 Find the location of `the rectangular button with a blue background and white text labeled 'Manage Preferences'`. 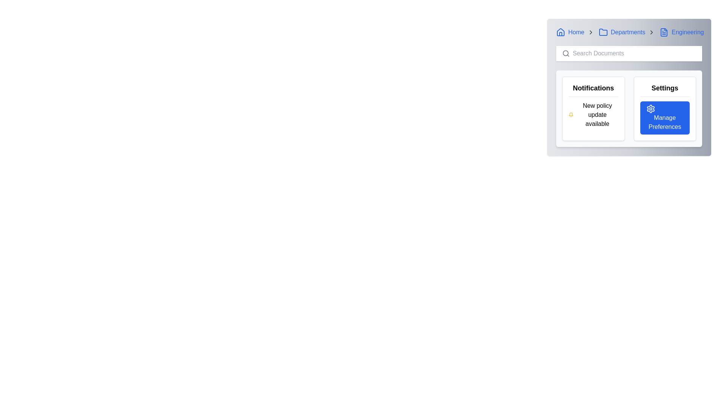

the rectangular button with a blue background and white text labeled 'Manage Preferences' is located at coordinates (665, 118).